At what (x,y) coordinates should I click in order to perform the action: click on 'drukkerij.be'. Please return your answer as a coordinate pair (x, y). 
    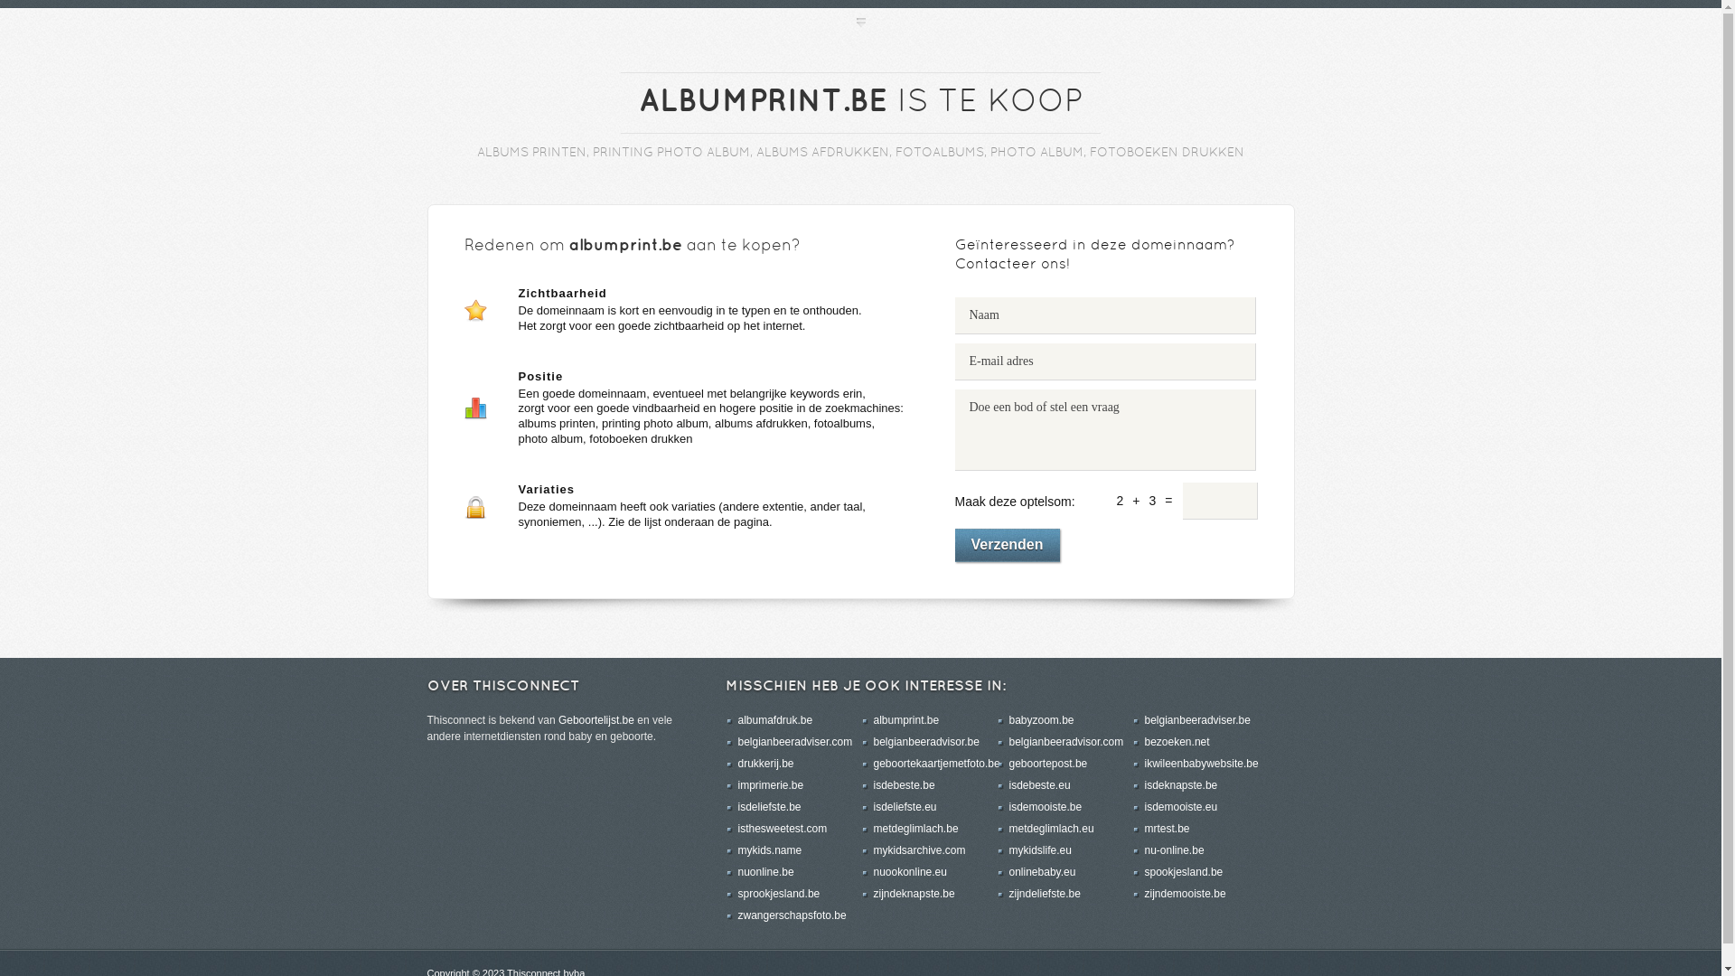
    Looking at the image, I should click on (764, 763).